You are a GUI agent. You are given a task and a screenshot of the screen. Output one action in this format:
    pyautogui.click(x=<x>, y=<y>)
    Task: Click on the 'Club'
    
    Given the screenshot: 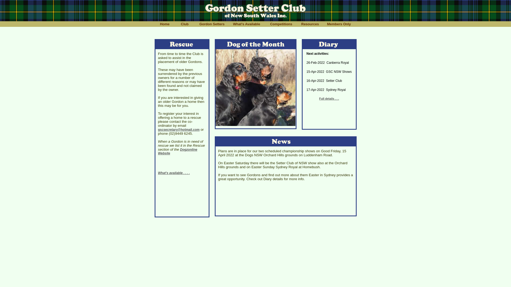 What is the action you would take?
    pyautogui.click(x=175, y=24)
    